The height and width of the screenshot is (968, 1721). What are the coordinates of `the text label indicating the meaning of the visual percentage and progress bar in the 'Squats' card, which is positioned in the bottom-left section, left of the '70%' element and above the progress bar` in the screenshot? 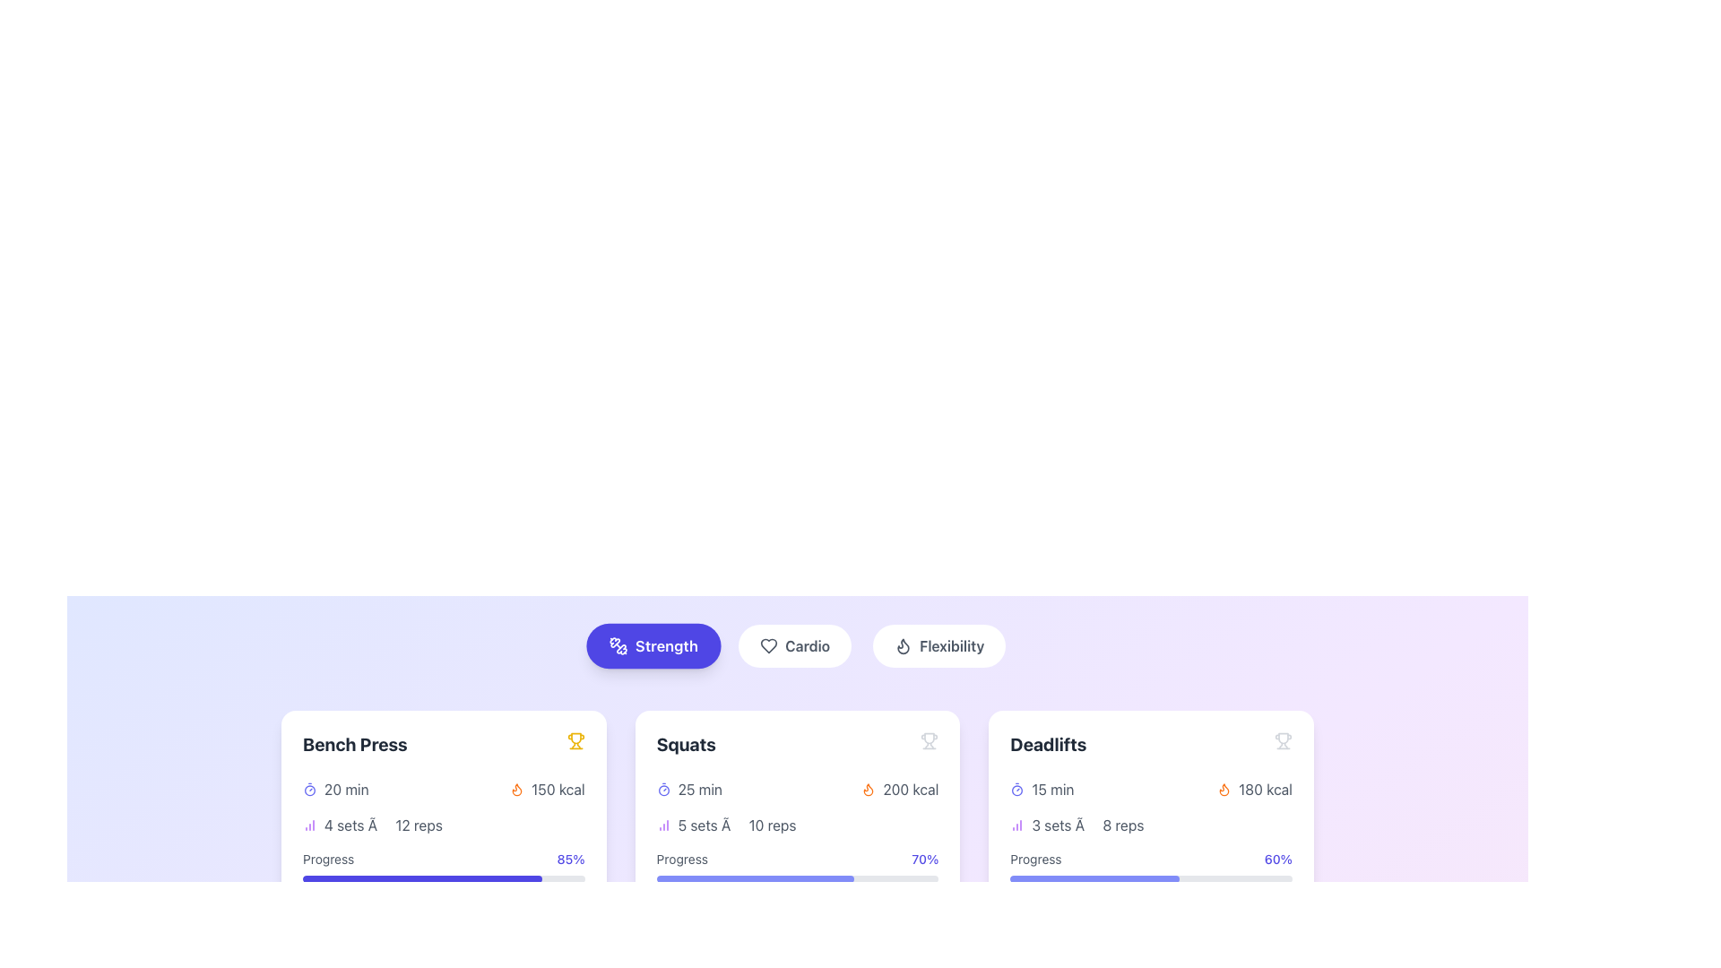 It's located at (681, 859).